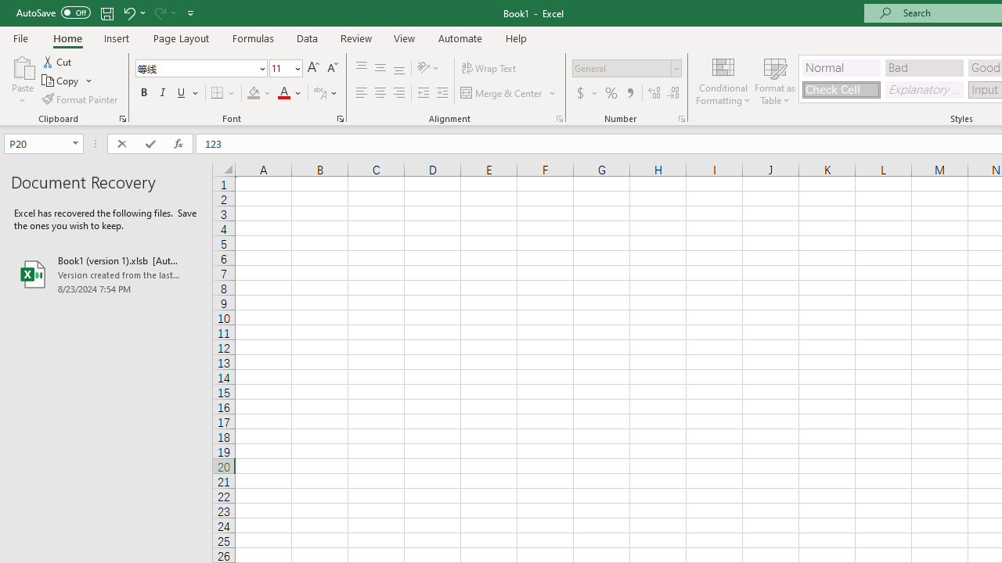 Image resolution: width=1002 pixels, height=563 pixels. I want to click on 'Font Color RGB(255, 0, 0)', so click(283, 93).